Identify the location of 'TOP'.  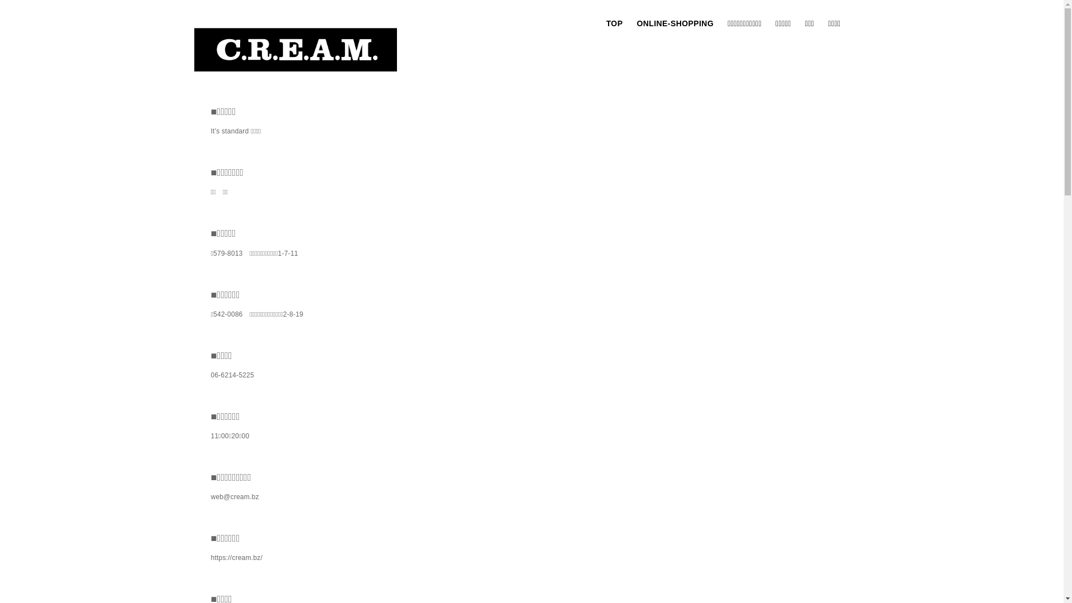
(614, 23).